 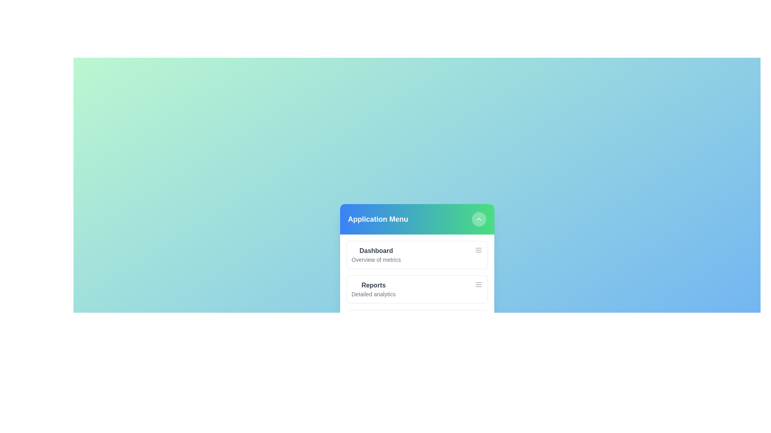 What do you see at coordinates (373, 289) in the screenshot?
I see `the menu item Reports to observe its hover effect` at bounding box center [373, 289].